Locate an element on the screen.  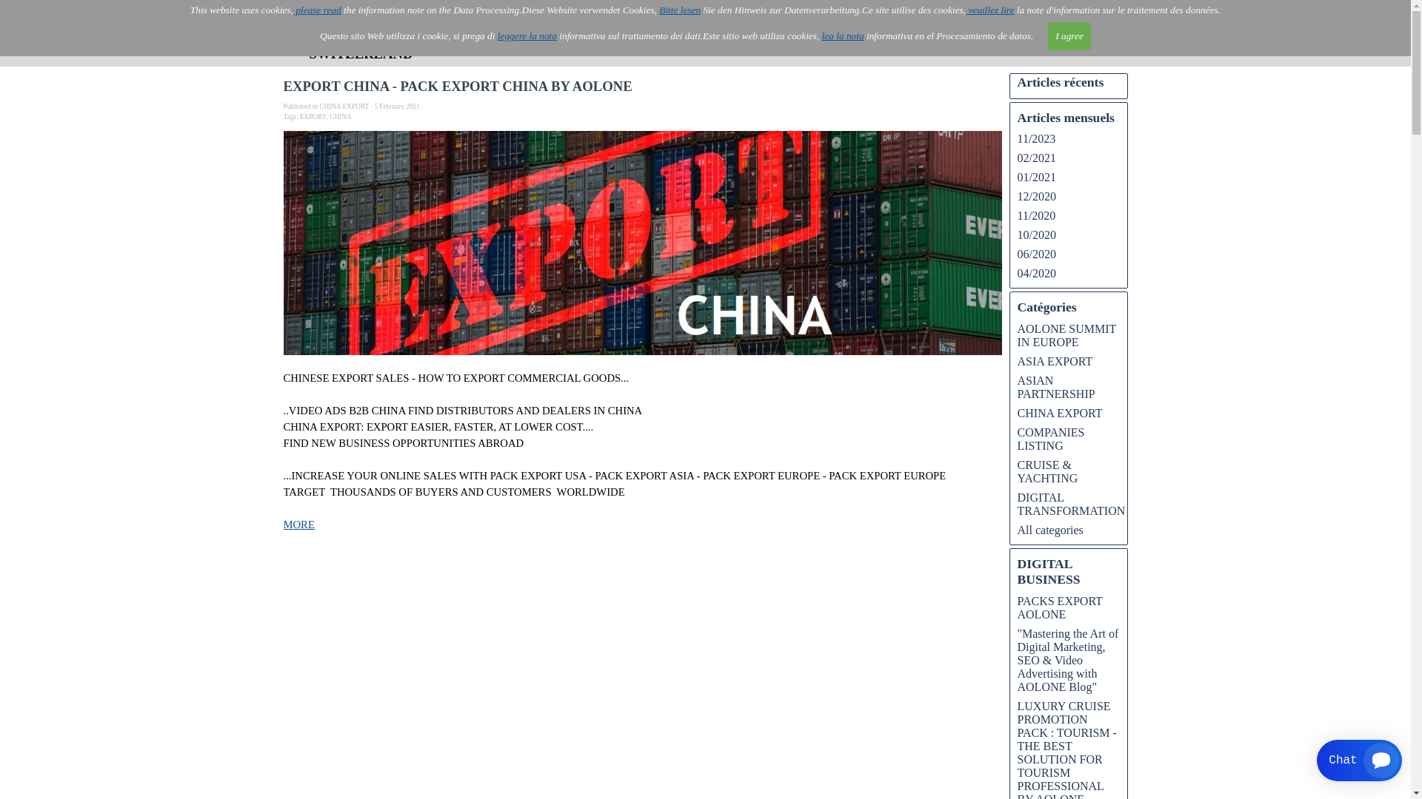
'All categories' is located at coordinates (1049, 529).